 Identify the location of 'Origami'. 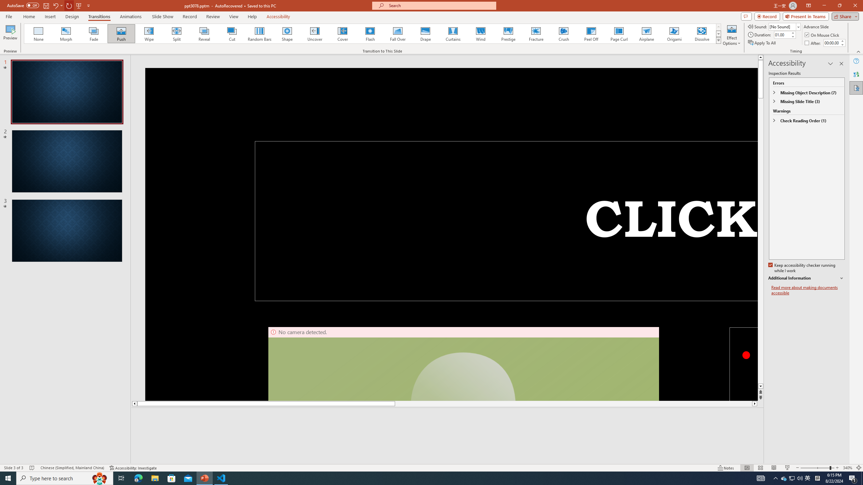
(674, 33).